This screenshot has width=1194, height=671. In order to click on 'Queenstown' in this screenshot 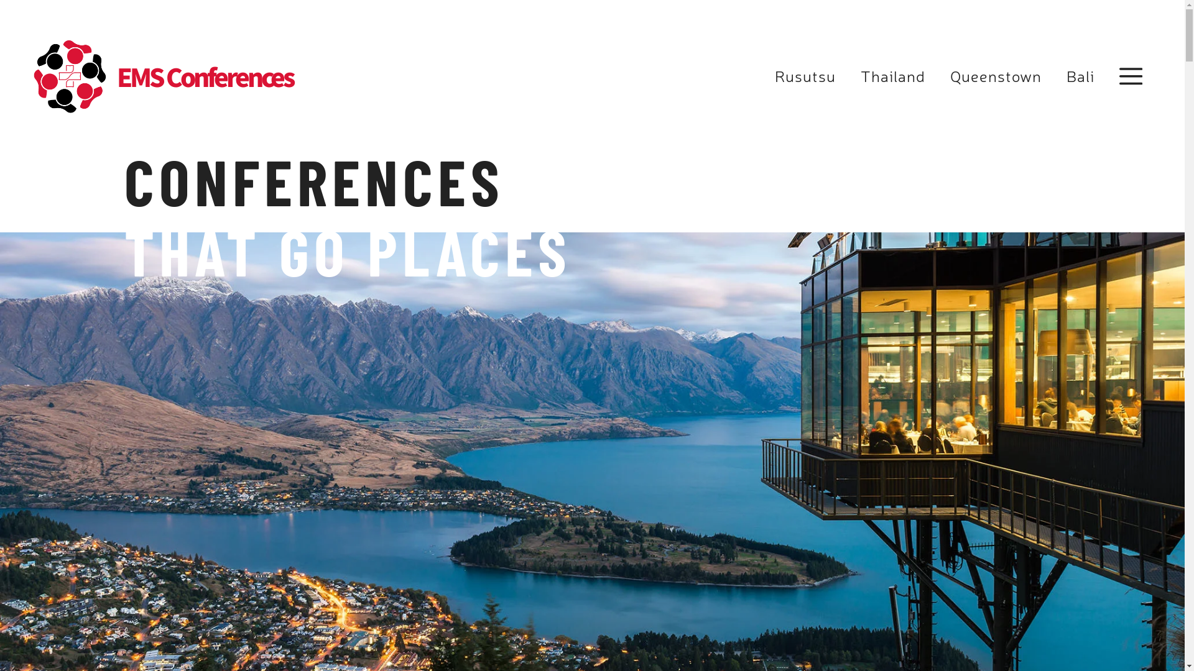, I will do `click(996, 76)`.